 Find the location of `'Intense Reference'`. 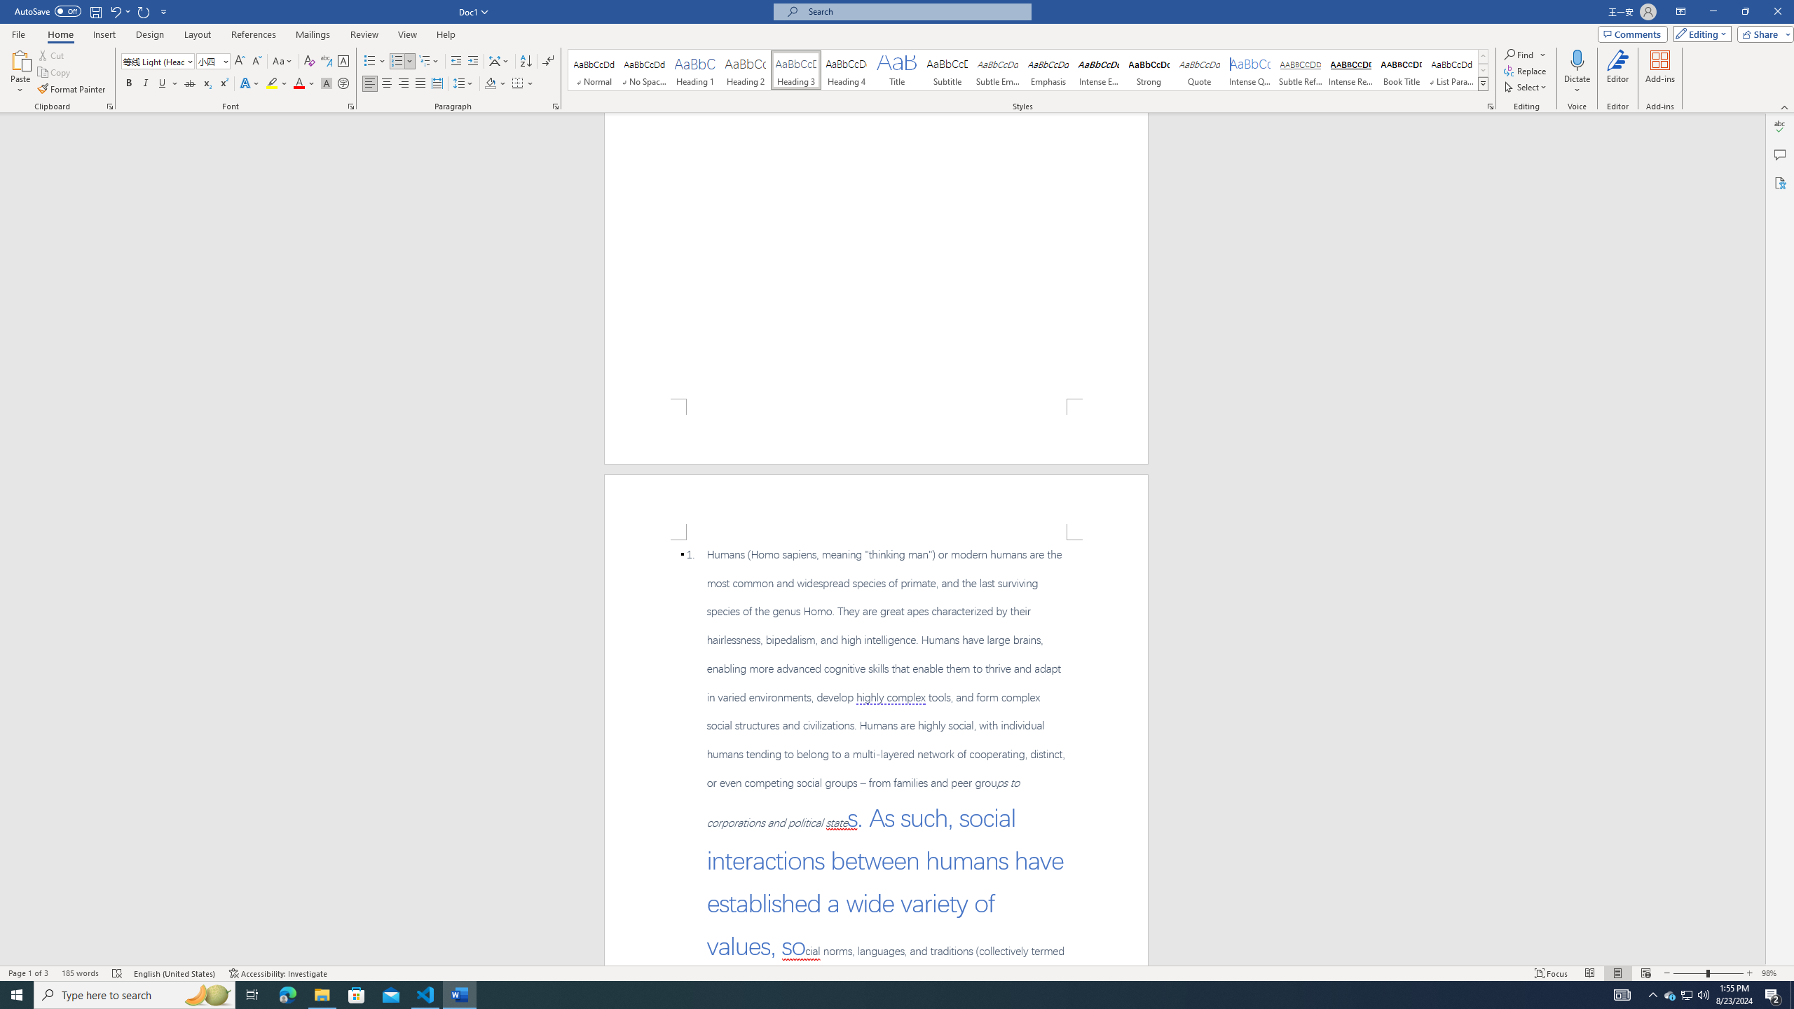

'Intense Reference' is located at coordinates (1350, 69).